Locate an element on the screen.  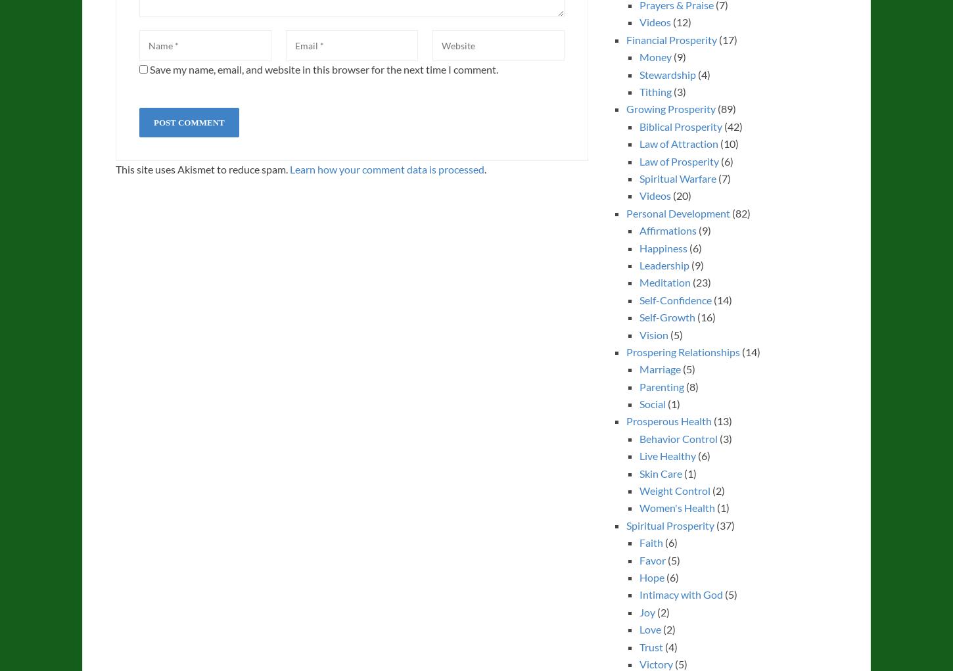
'Intimacy with God' is located at coordinates (680, 594).